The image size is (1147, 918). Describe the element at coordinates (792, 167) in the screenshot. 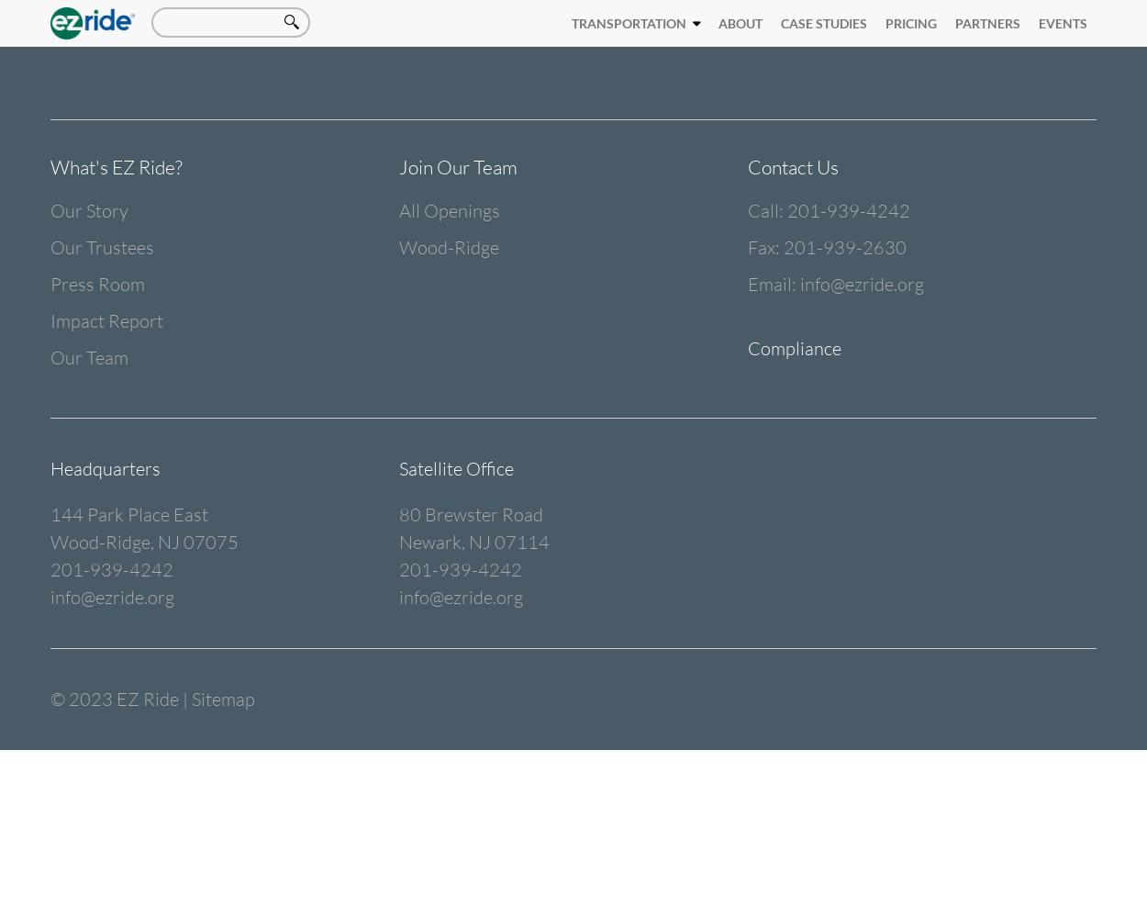

I see `'Contact Us'` at that location.